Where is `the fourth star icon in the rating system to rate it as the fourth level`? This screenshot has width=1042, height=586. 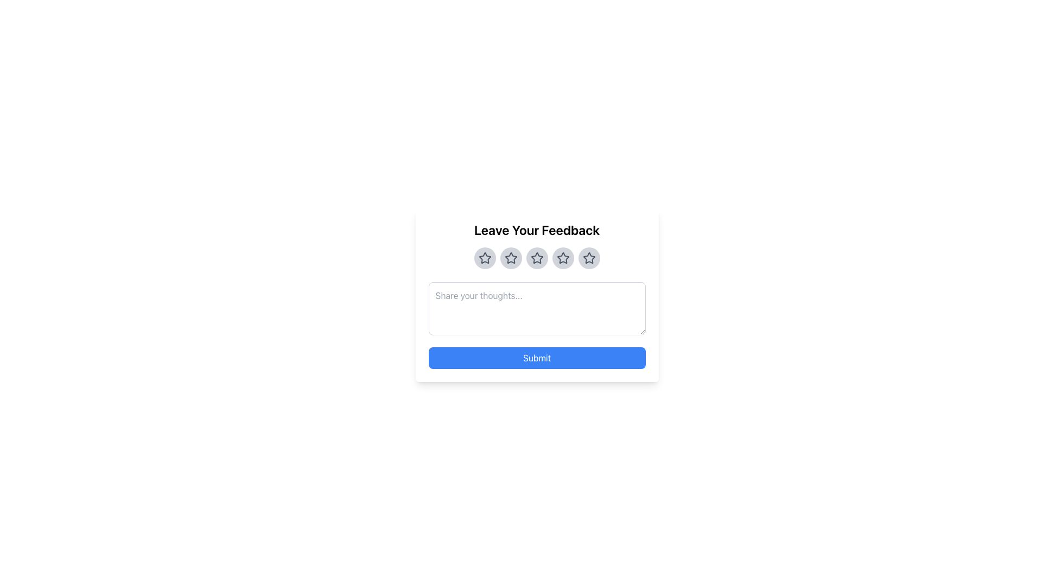 the fourth star icon in the rating system to rate it as the fourth level is located at coordinates (563, 258).